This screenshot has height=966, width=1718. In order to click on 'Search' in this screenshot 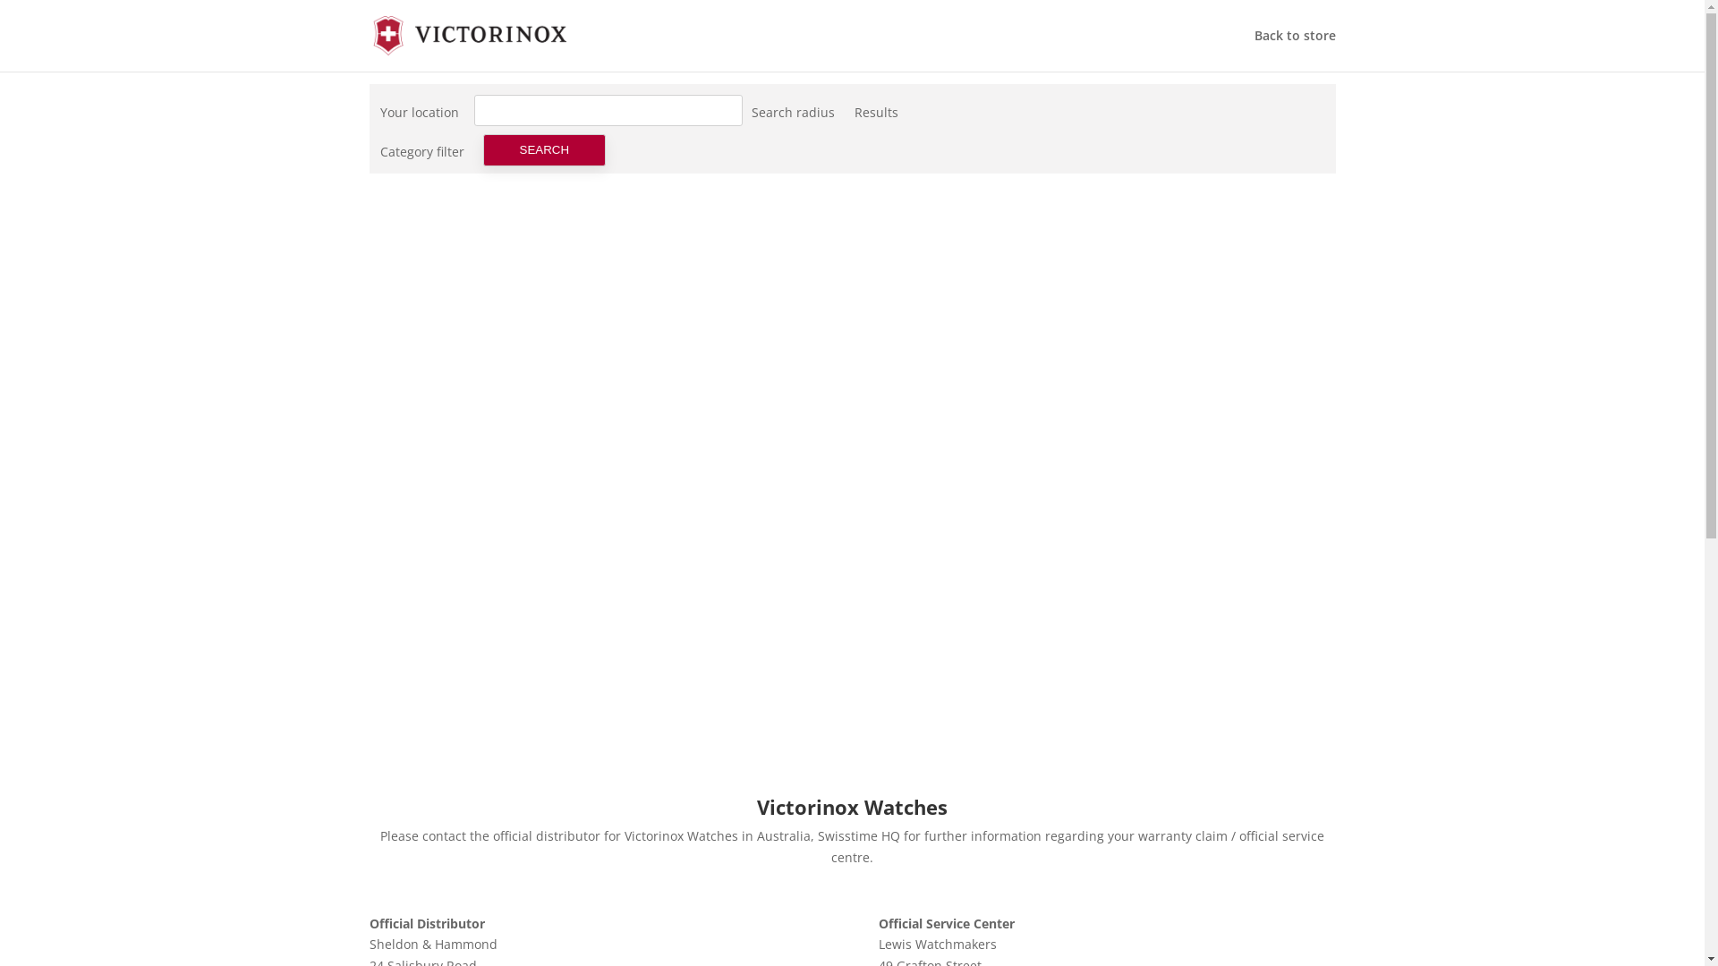, I will do `click(544, 149)`.